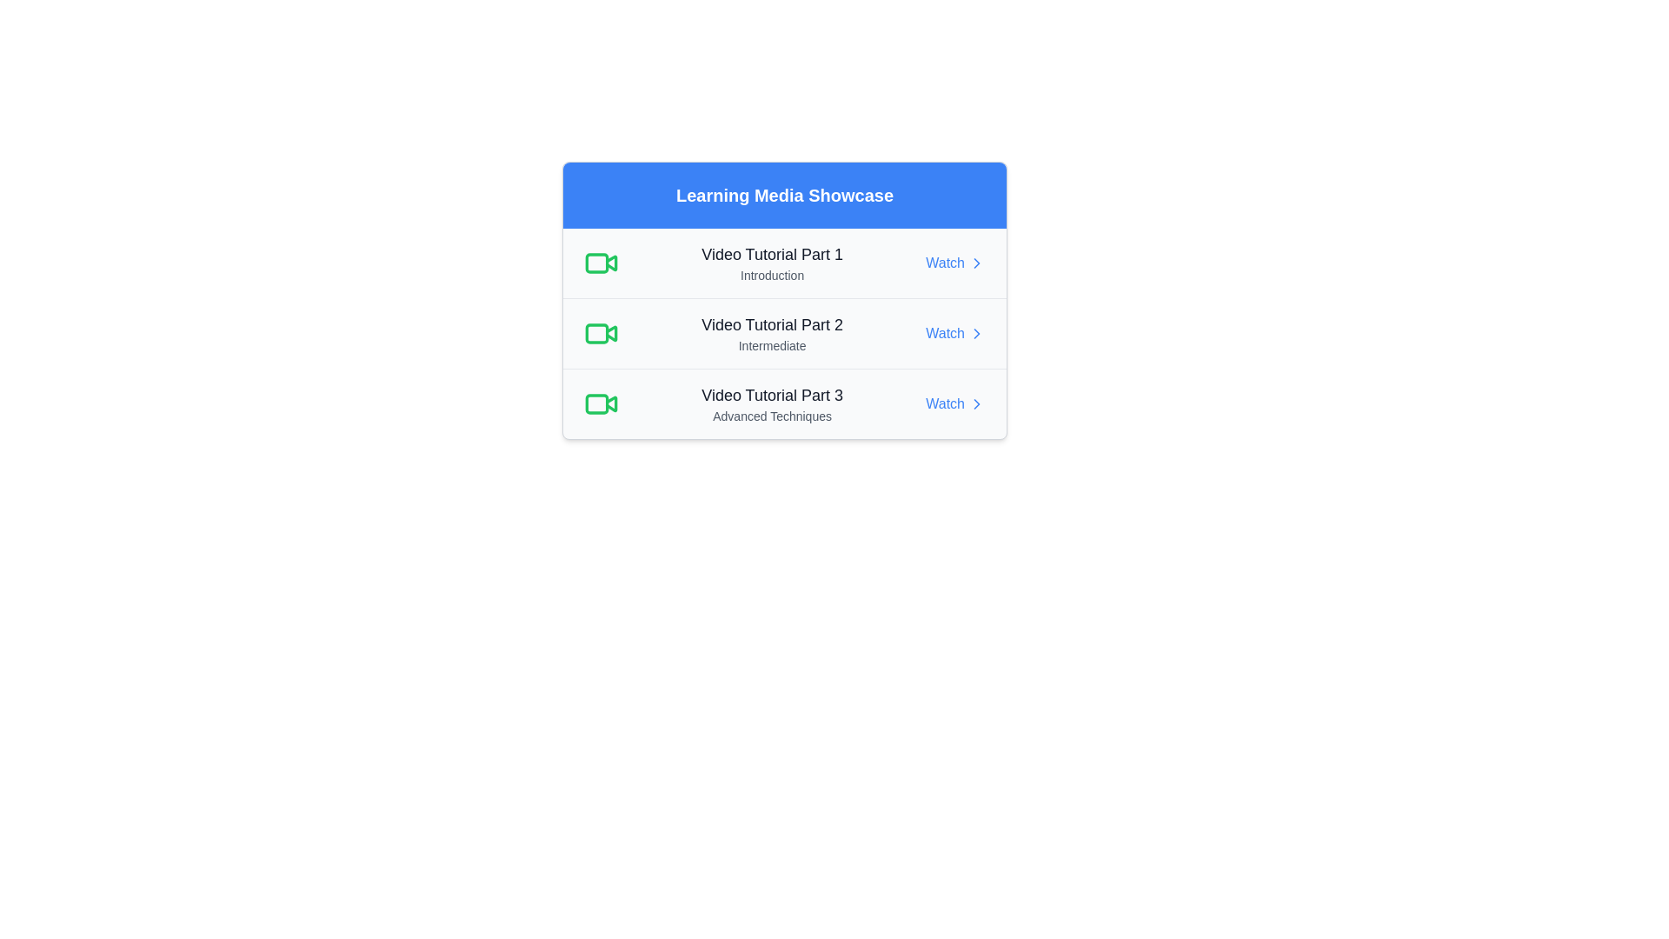 This screenshot has width=1669, height=939. Describe the element at coordinates (954, 263) in the screenshot. I see `the navigational text link for 'Video Tutorial Part 1'` at that location.